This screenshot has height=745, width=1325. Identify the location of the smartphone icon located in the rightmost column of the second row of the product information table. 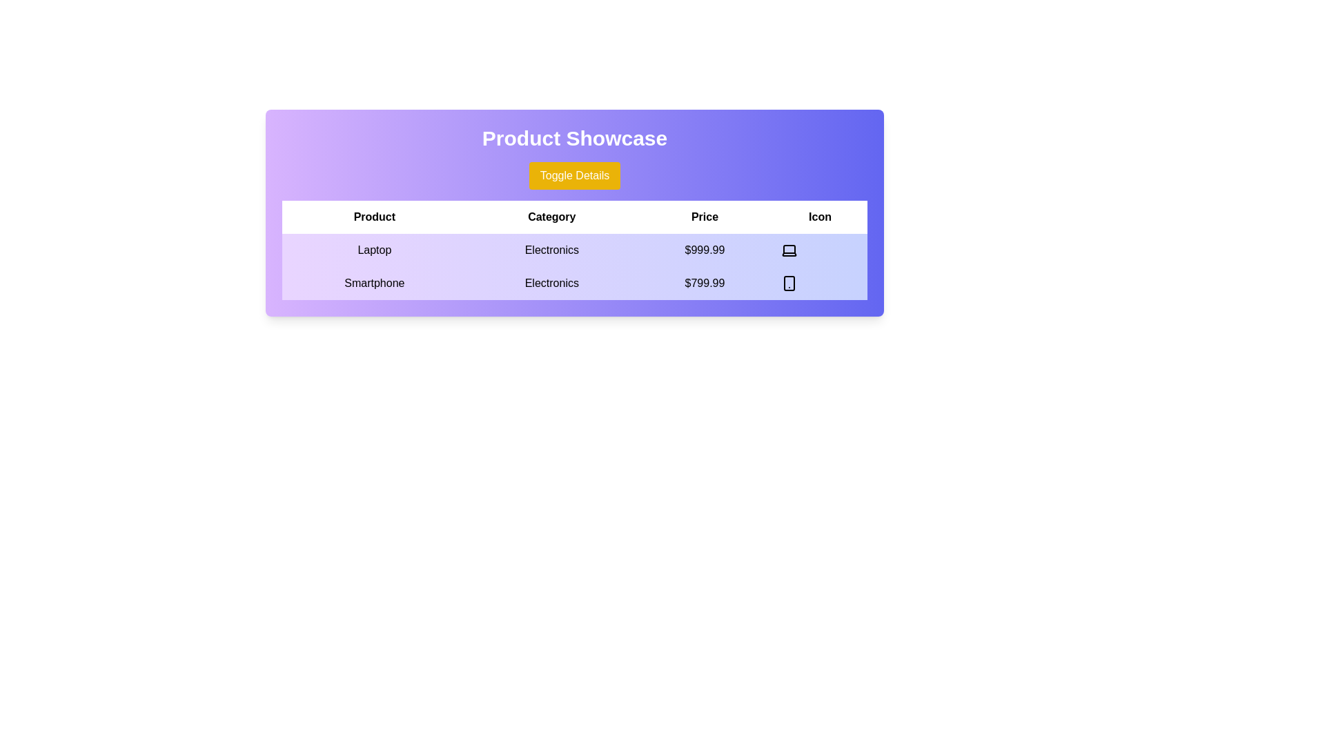
(789, 283).